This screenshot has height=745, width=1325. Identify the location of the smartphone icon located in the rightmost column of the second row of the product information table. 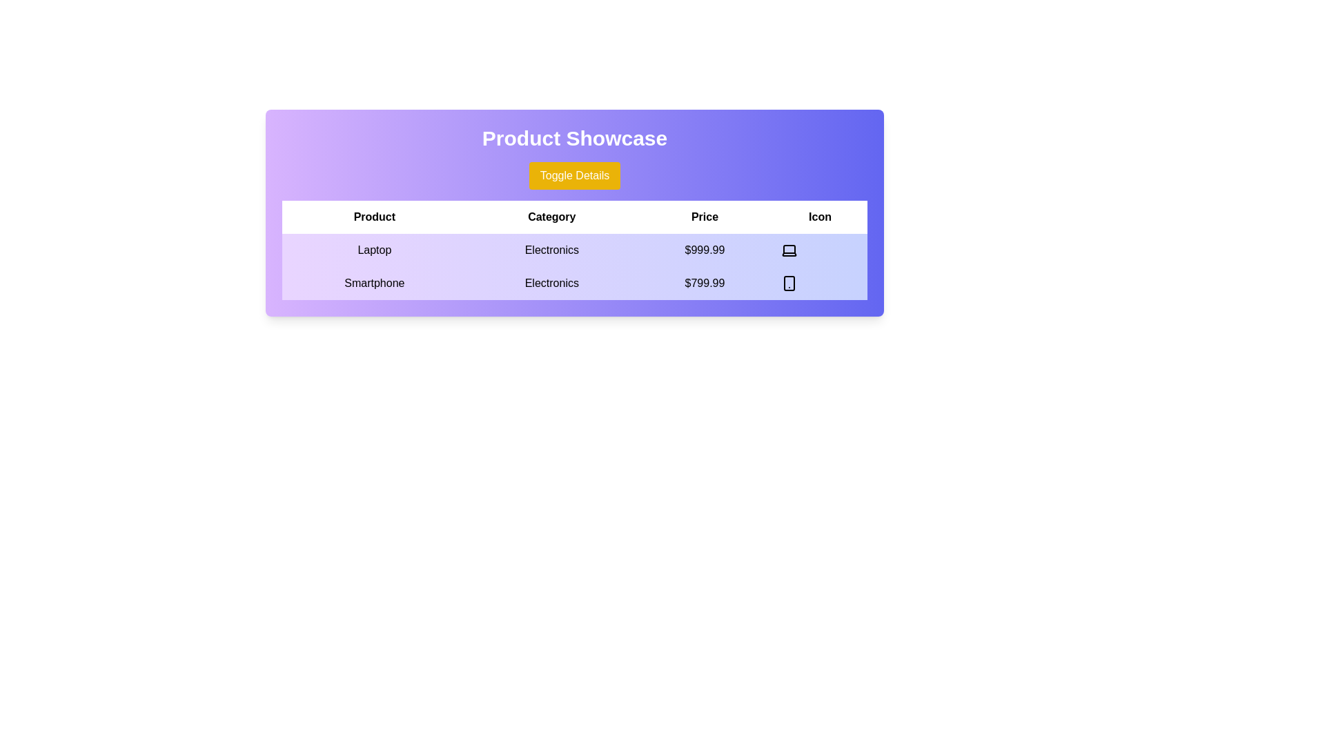
(789, 283).